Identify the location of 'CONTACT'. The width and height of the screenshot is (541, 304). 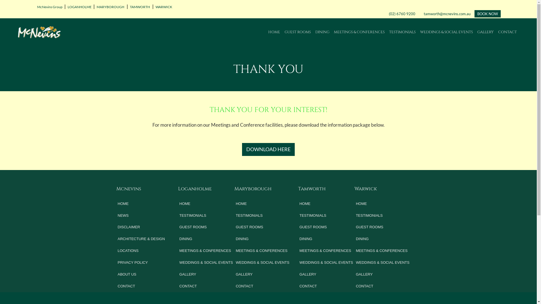
(263, 286).